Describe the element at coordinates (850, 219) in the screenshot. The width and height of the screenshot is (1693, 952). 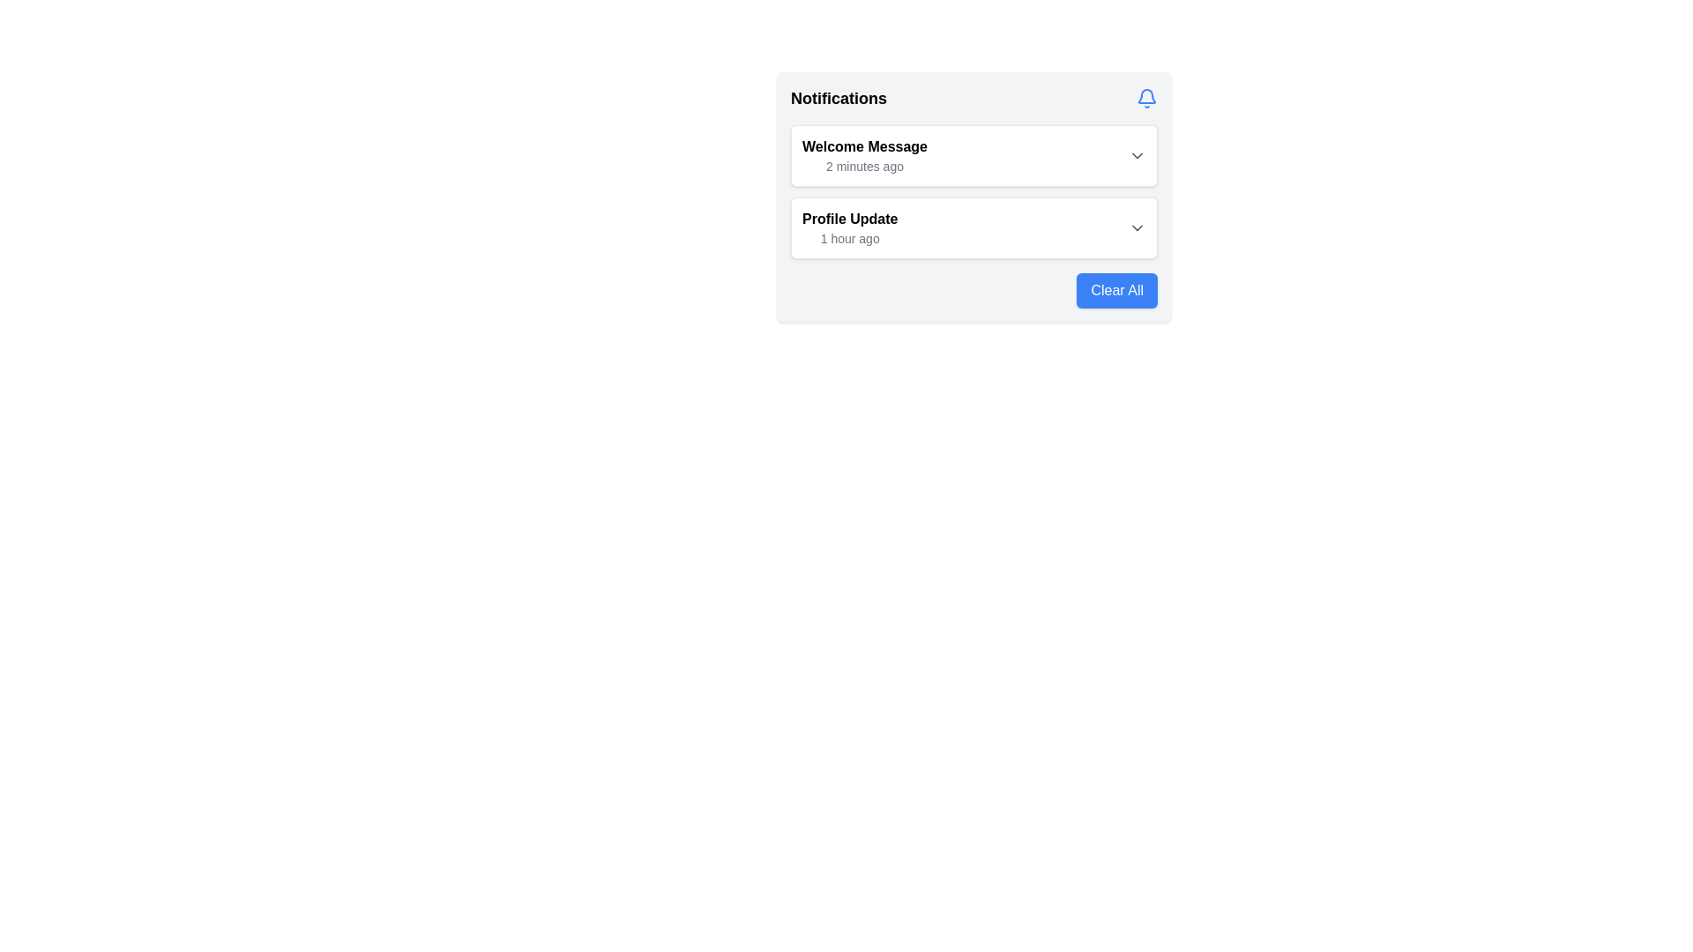
I see `bold text label 'Profile Update' which serves as the title of the second notification card in the notification list, positioned under 'Welcome Message'` at that location.